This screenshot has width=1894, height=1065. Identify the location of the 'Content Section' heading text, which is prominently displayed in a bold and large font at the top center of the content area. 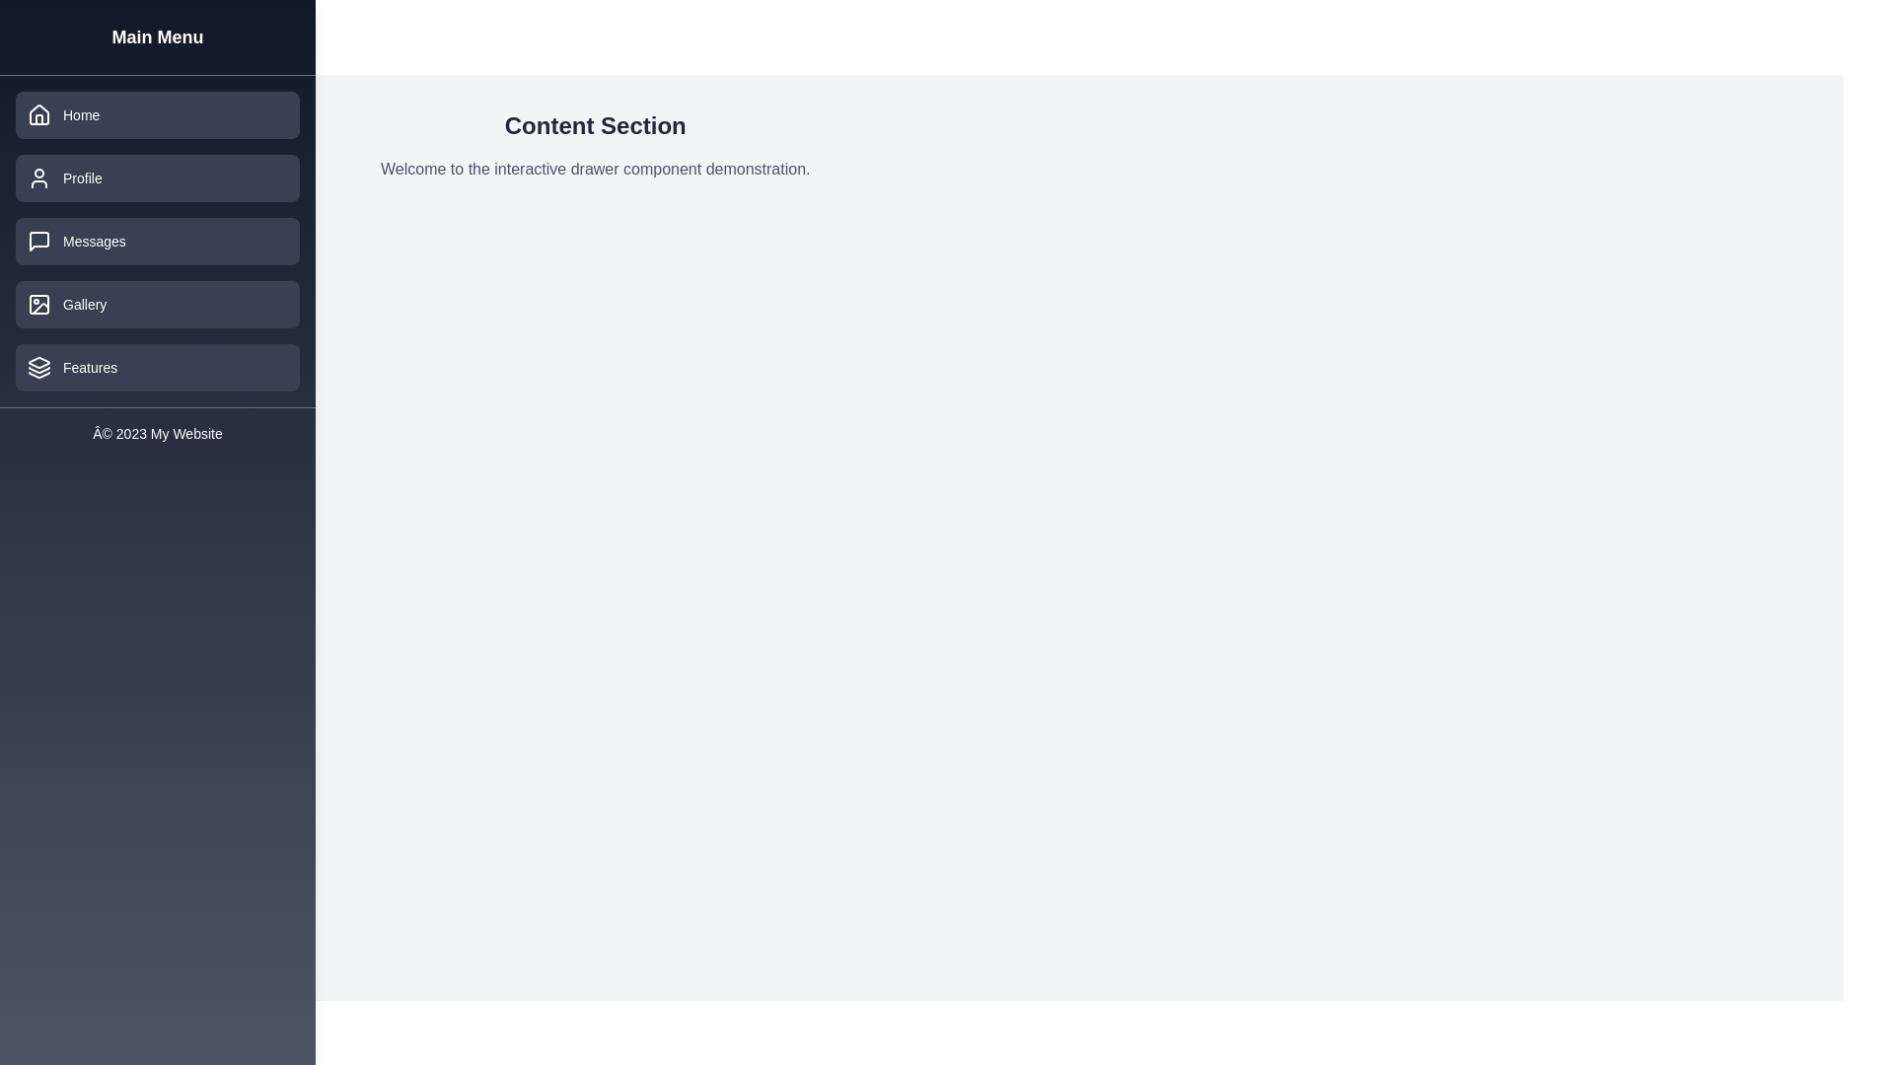
(594, 125).